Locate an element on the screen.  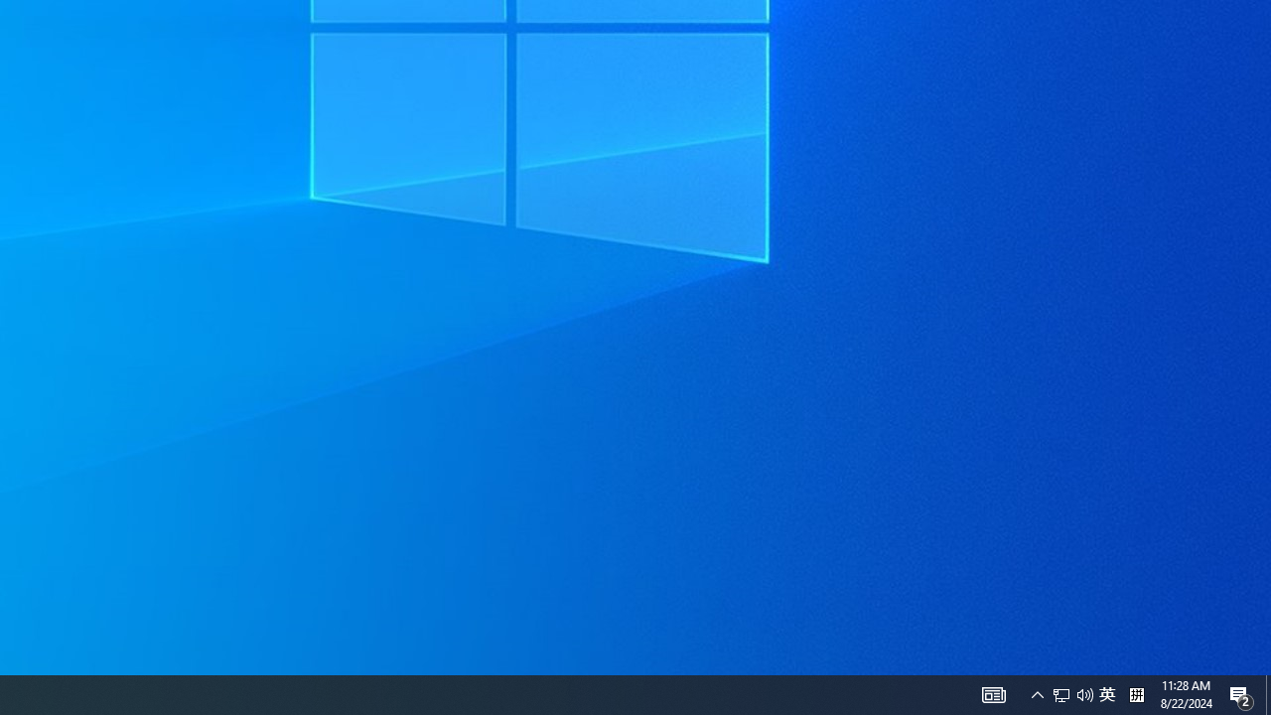
'Action Center, 2 new notifications' is located at coordinates (1241, 693).